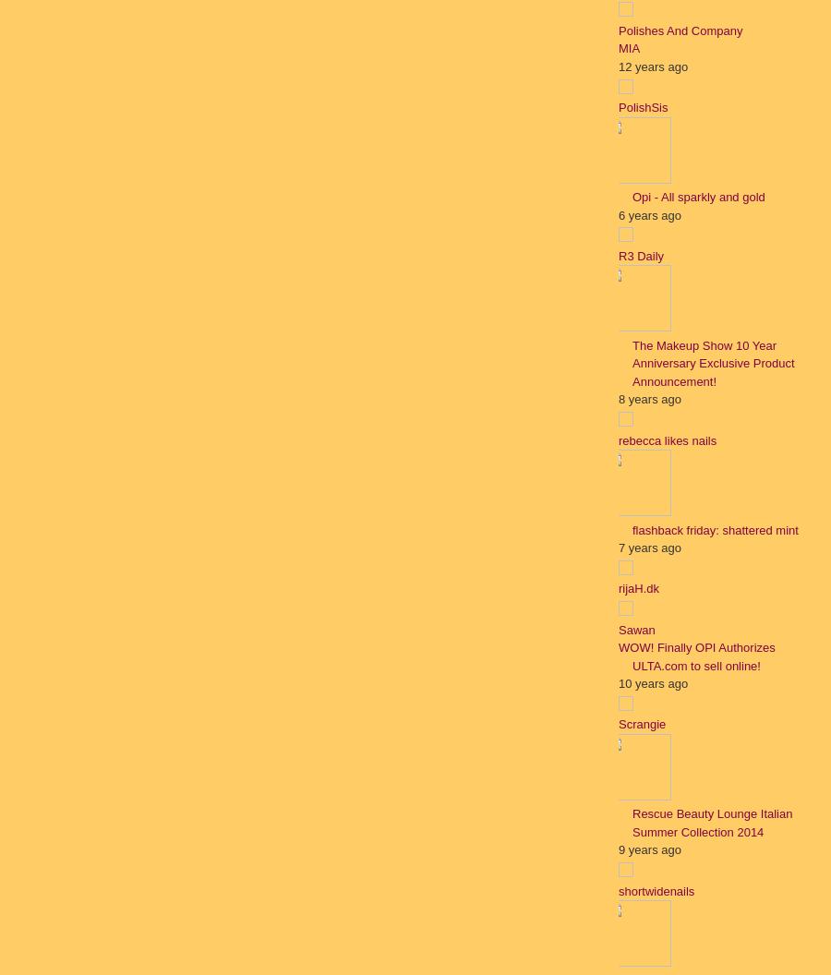  I want to click on 'rebecca likes nails', so click(618, 439).